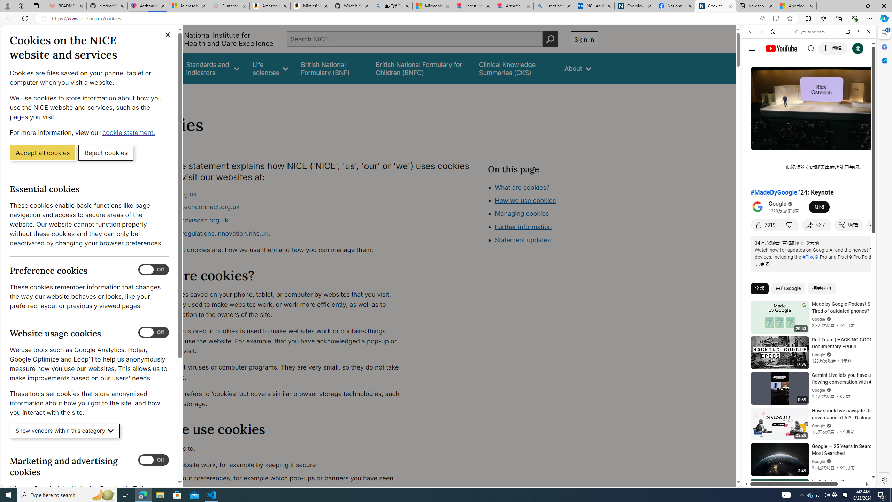  I want to click on 'Sign in', so click(584, 39).